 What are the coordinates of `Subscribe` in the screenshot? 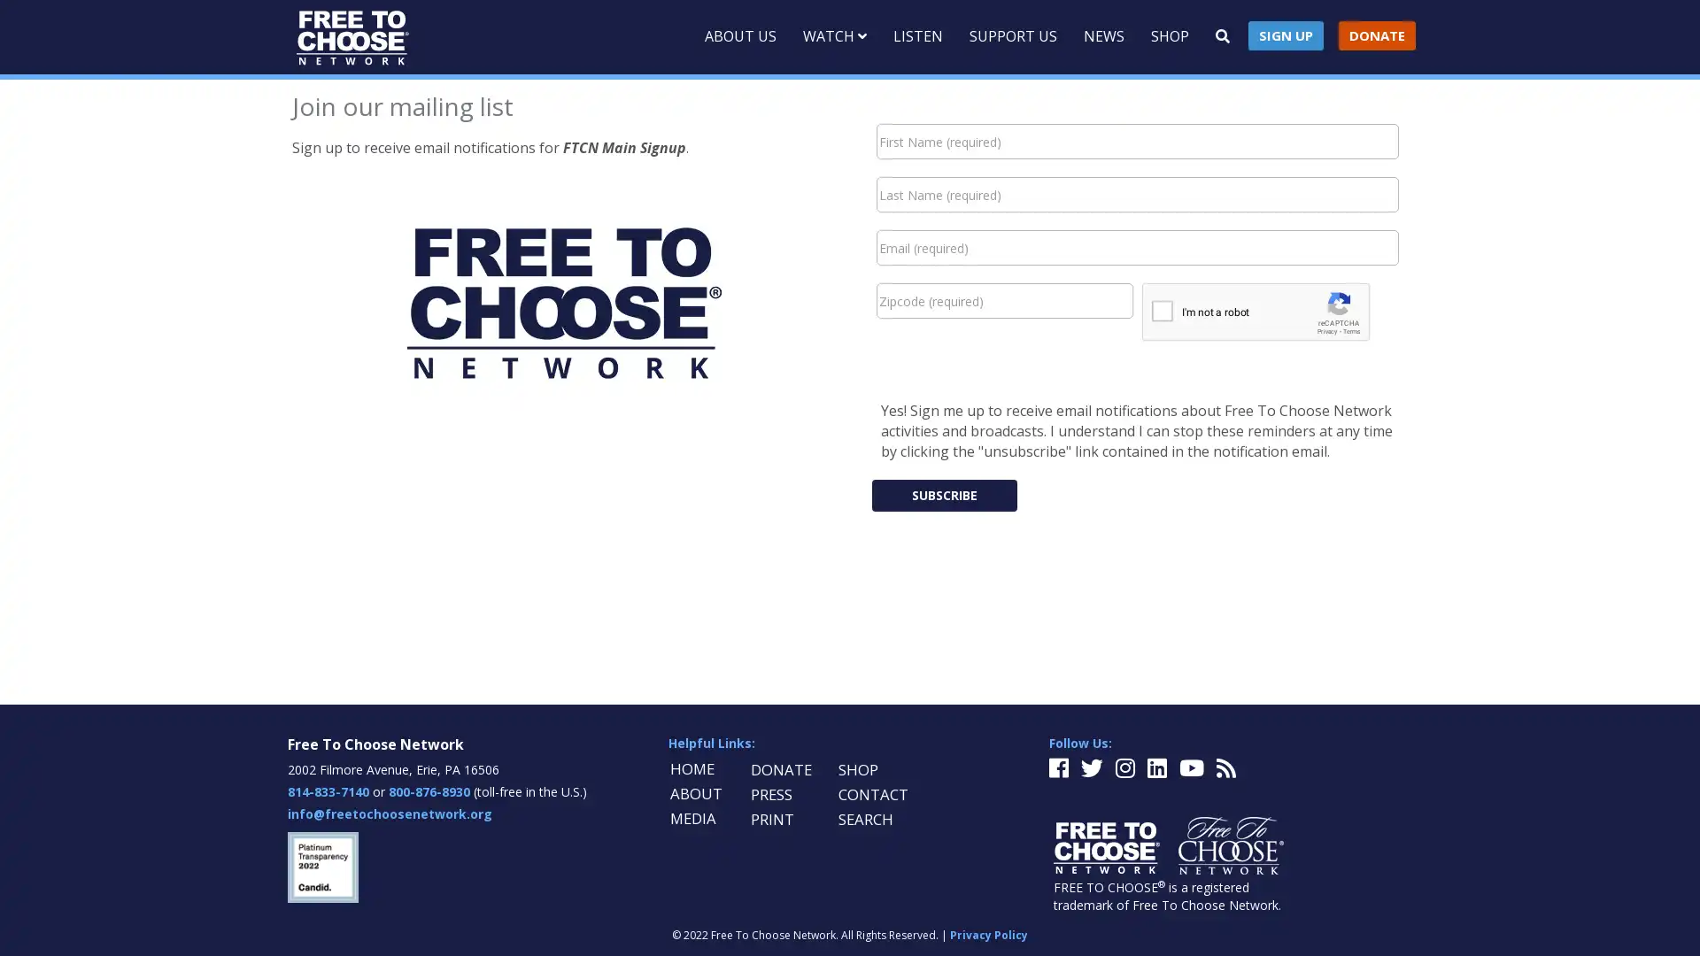 It's located at (943, 495).